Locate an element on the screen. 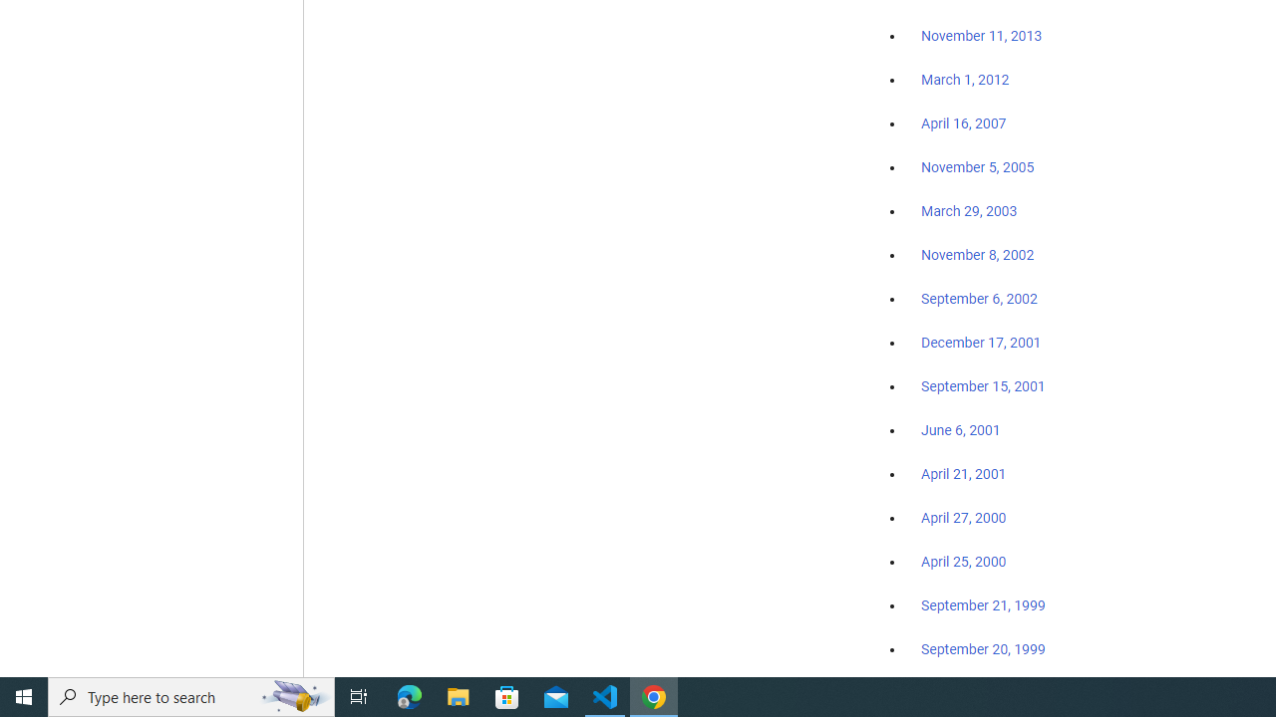 The width and height of the screenshot is (1276, 717). 'November 8, 2002' is located at coordinates (978, 254).